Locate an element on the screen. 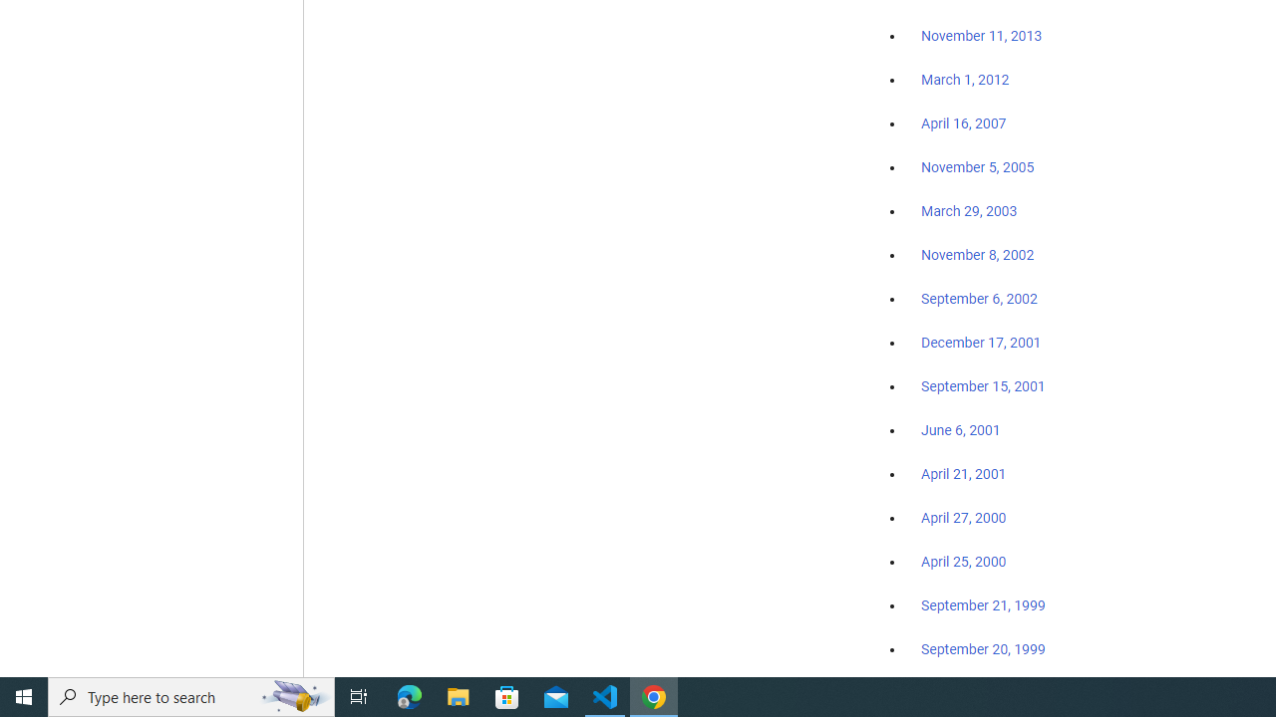 The width and height of the screenshot is (1276, 717). 'November 8, 2002' is located at coordinates (978, 254).